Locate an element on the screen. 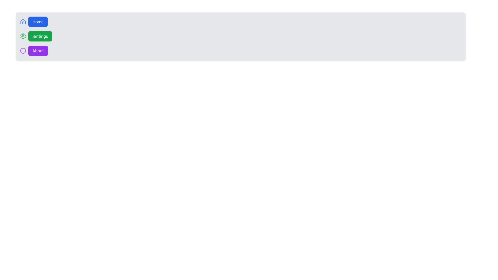 The height and width of the screenshot is (280, 498). the navigation button located at the top of the vertical menu is located at coordinates (33, 22).